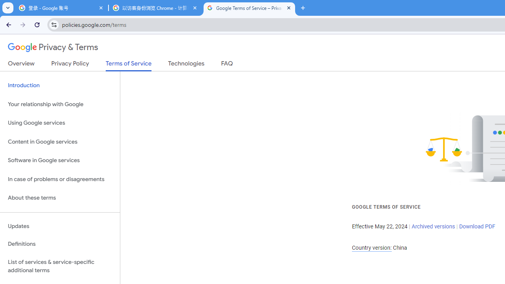 The width and height of the screenshot is (505, 284). I want to click on 'Download PDF', so click(477, 226).